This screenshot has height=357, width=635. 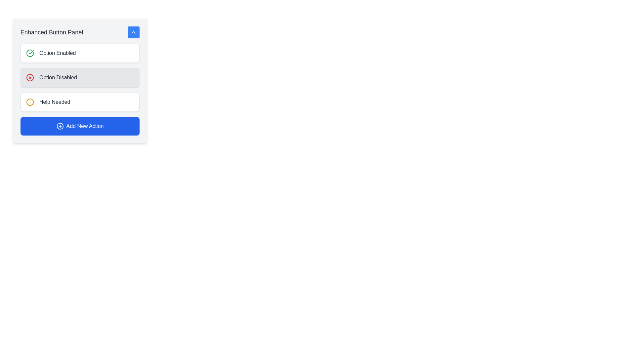 What do you see at coordinates (30, 77) in the screenshot?
I see `the circular background of the red 'x' symbol in the 'Option Disabled' section of the interface` at bounding box center [30, 77].